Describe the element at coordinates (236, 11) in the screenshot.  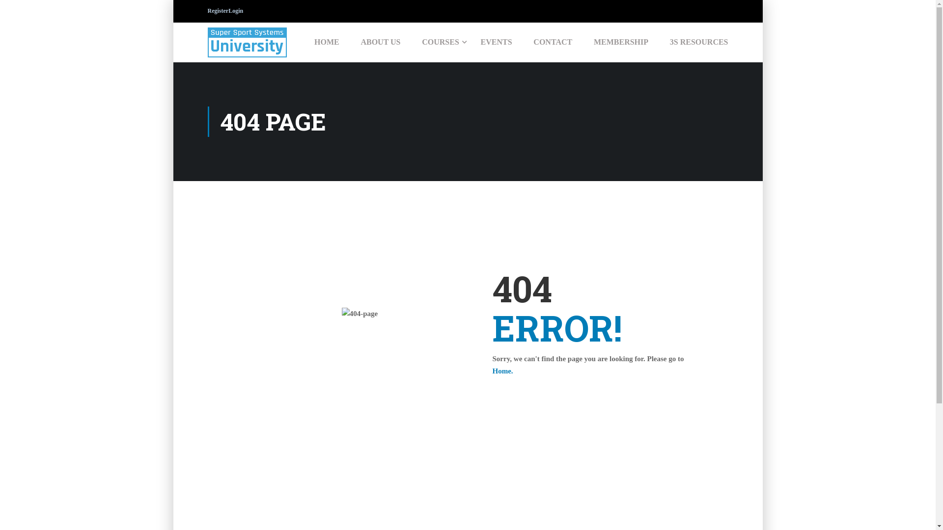
I see `'Login'` at that location.